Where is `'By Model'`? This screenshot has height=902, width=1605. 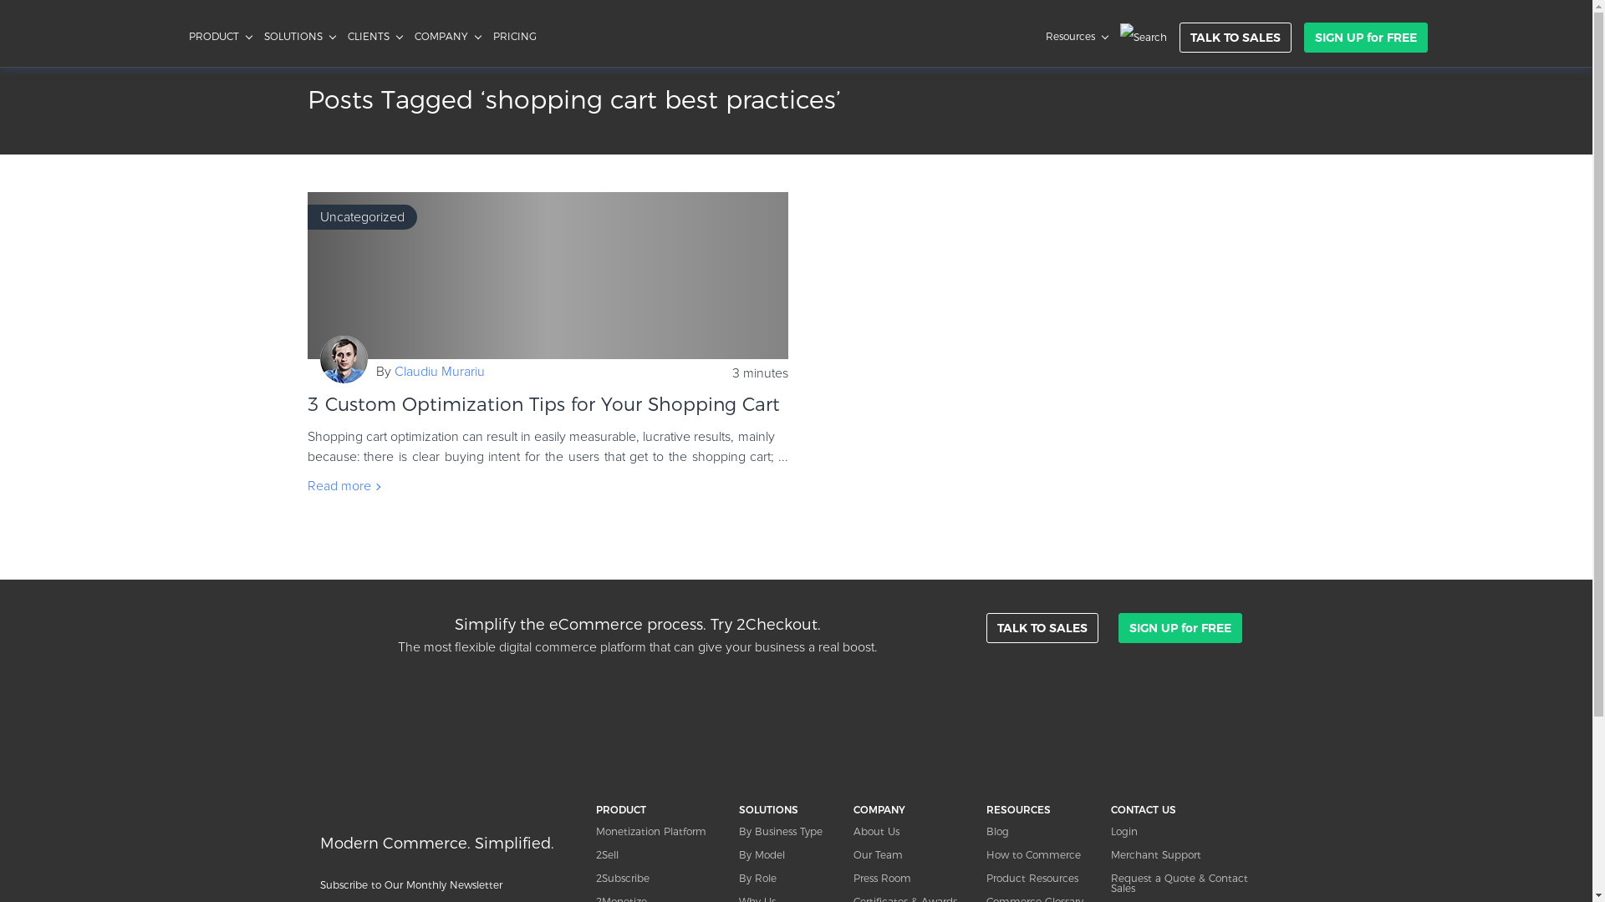 'By Model' is located at coordinates (785, 854).